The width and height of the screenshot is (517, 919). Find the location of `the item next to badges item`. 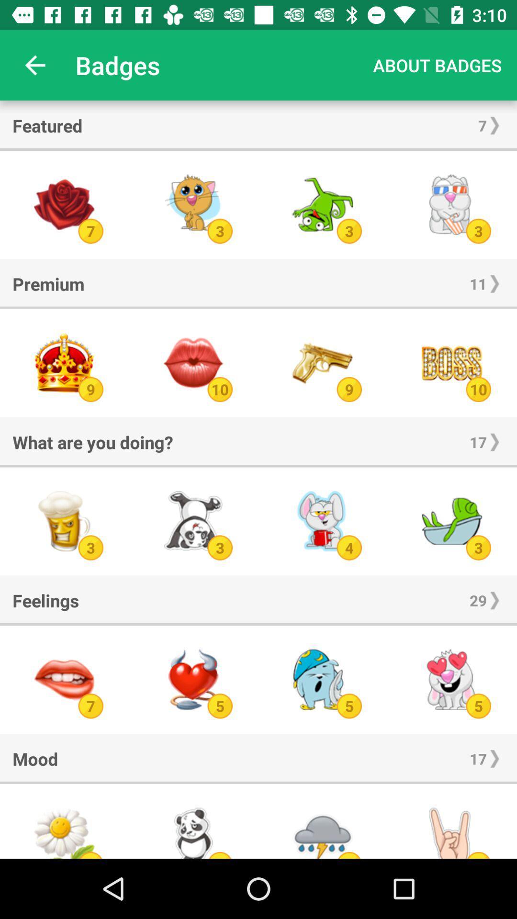

the item next to badges item is located at coordinates (437, 65).